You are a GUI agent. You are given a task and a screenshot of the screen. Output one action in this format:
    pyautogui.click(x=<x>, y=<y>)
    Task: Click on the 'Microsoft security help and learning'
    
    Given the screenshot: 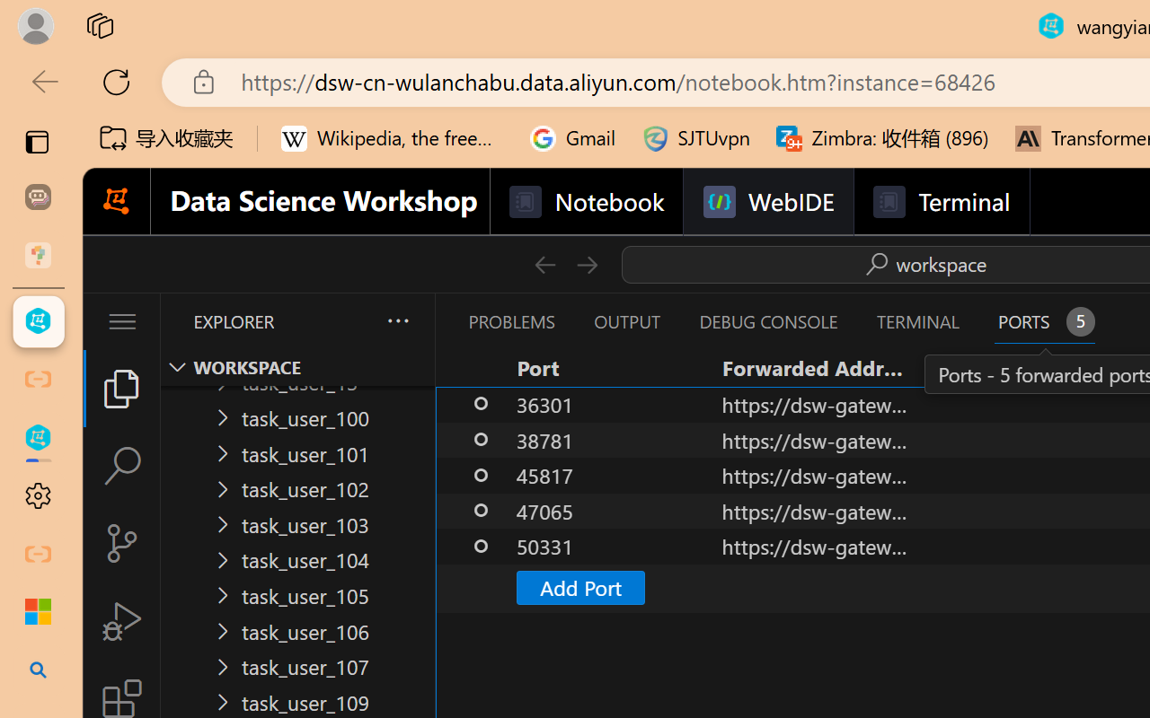 What is the action you would take?
    pyautogui.click(x=38, y=612)
    